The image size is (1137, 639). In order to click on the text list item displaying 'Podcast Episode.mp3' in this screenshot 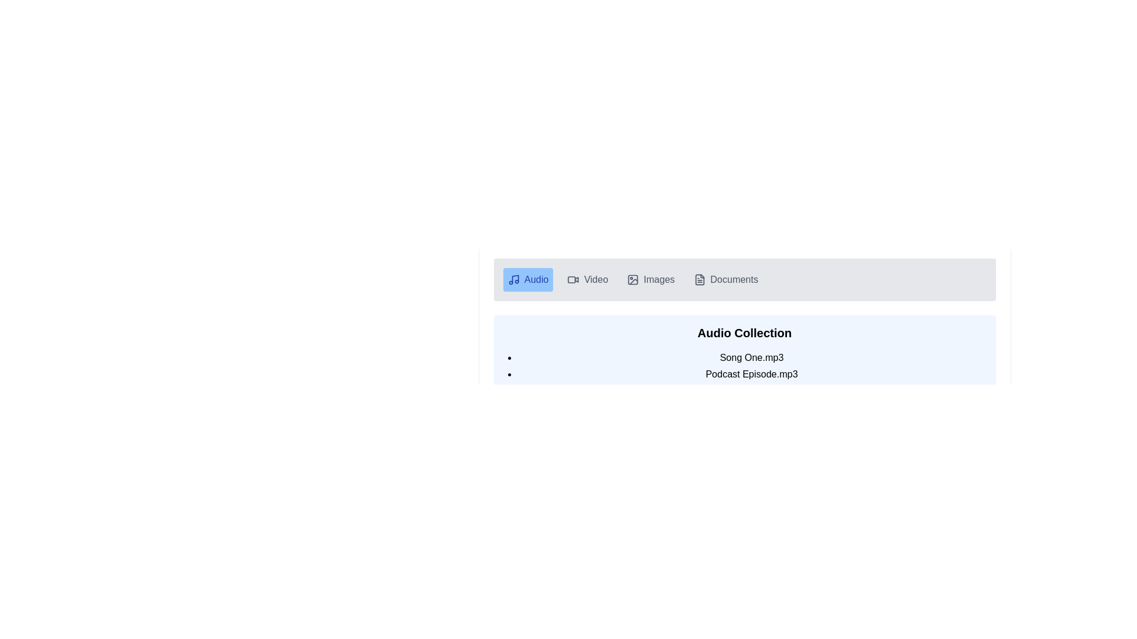, I will do `click(751, 374)`.